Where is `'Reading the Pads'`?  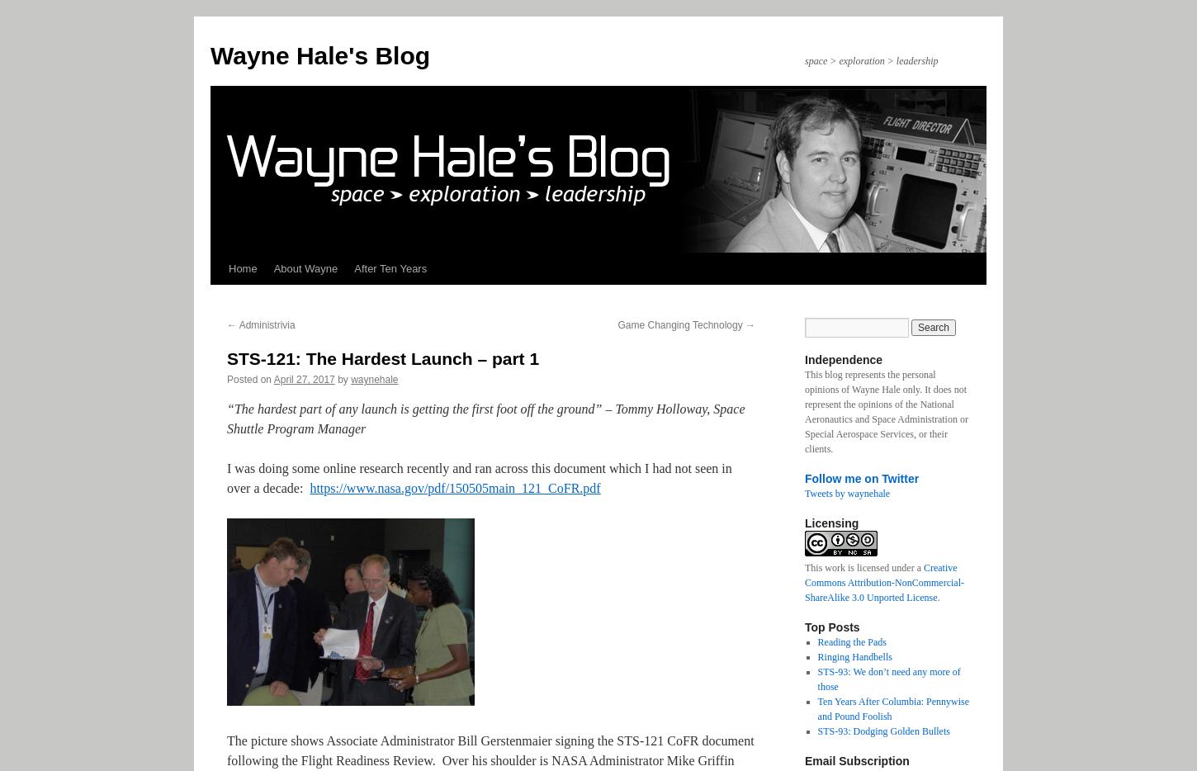 'Reading the Pads' is located at coordinates (817, 641).